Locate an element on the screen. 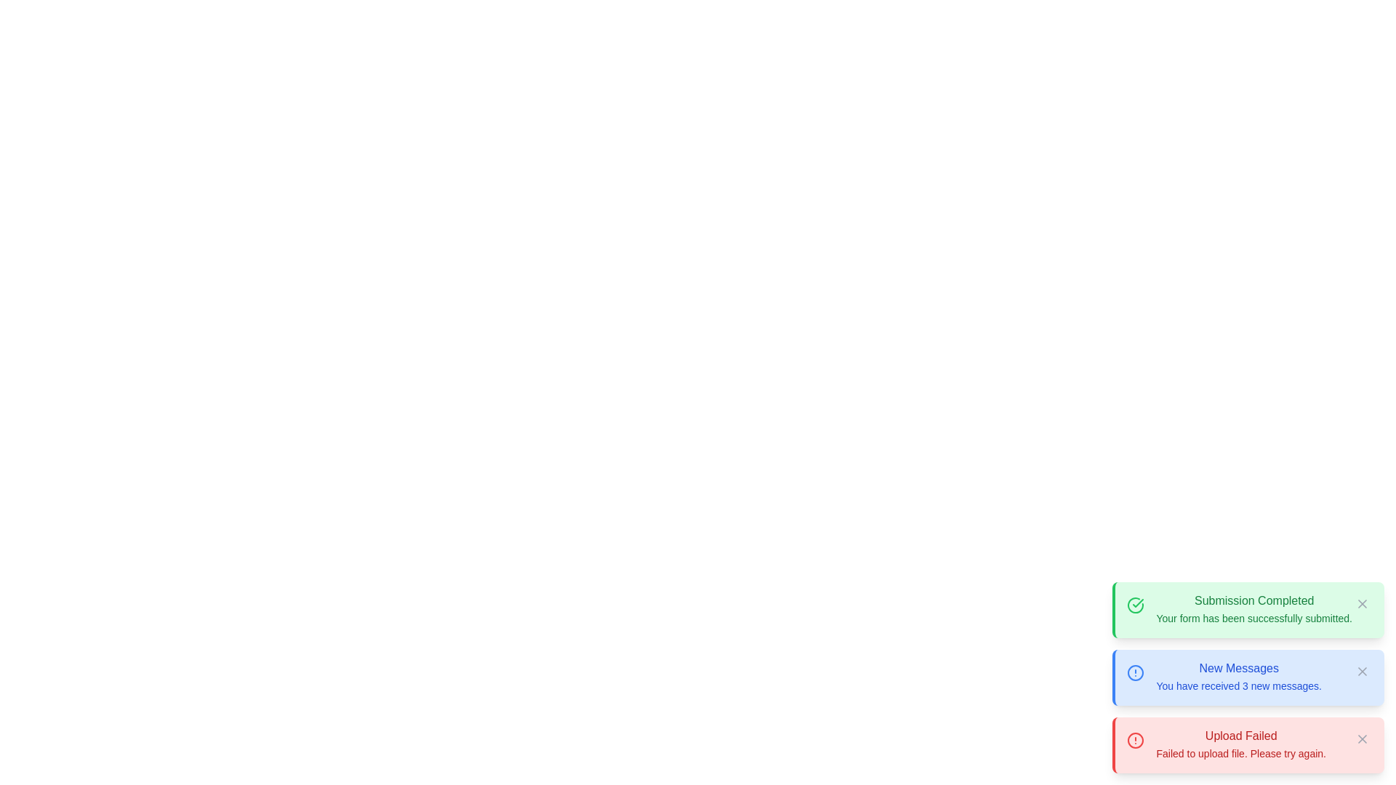 The height and width of the screenshot is (785, 1396). the circular outline with a blue hue, which is positioned centrally within the 'New Messages' notification icon on the left side of the notification card is located at coordinates (1135, 672).